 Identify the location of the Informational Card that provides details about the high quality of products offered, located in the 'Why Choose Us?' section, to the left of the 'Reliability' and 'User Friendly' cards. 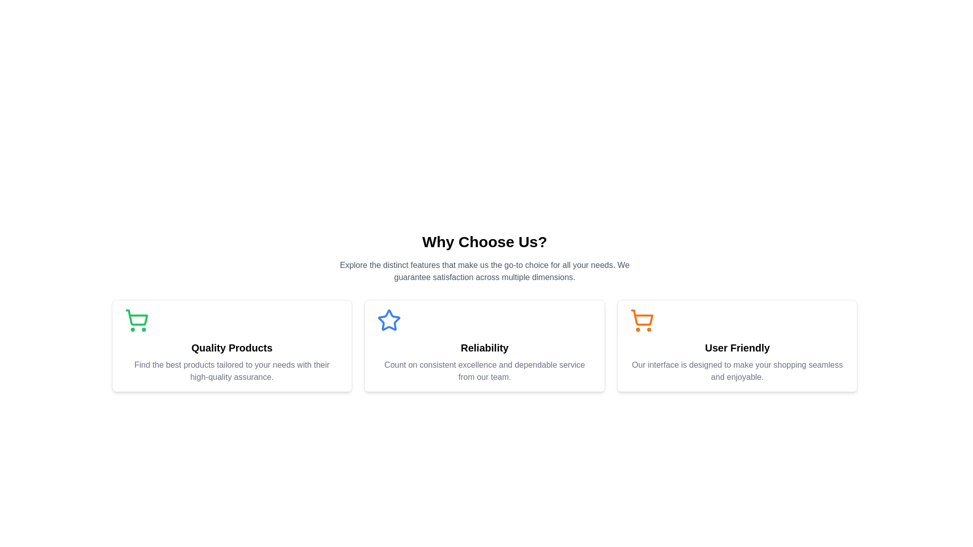
(231, 345).